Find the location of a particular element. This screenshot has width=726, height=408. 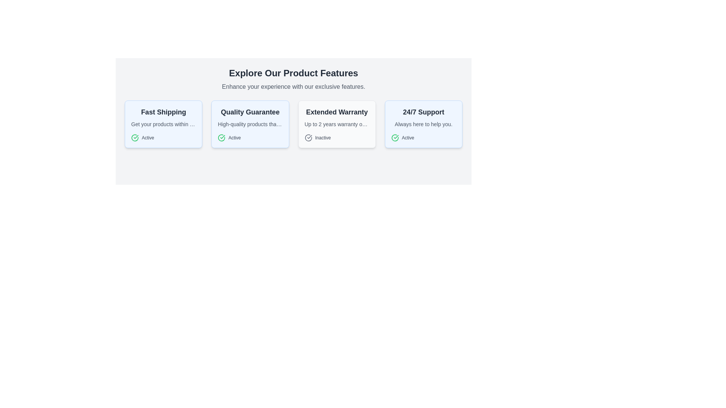

the text label reading 'Inactive' that indicates the status of 'Inactive' within the 'Extended Warranty' card is located at coordinates (323, 138).